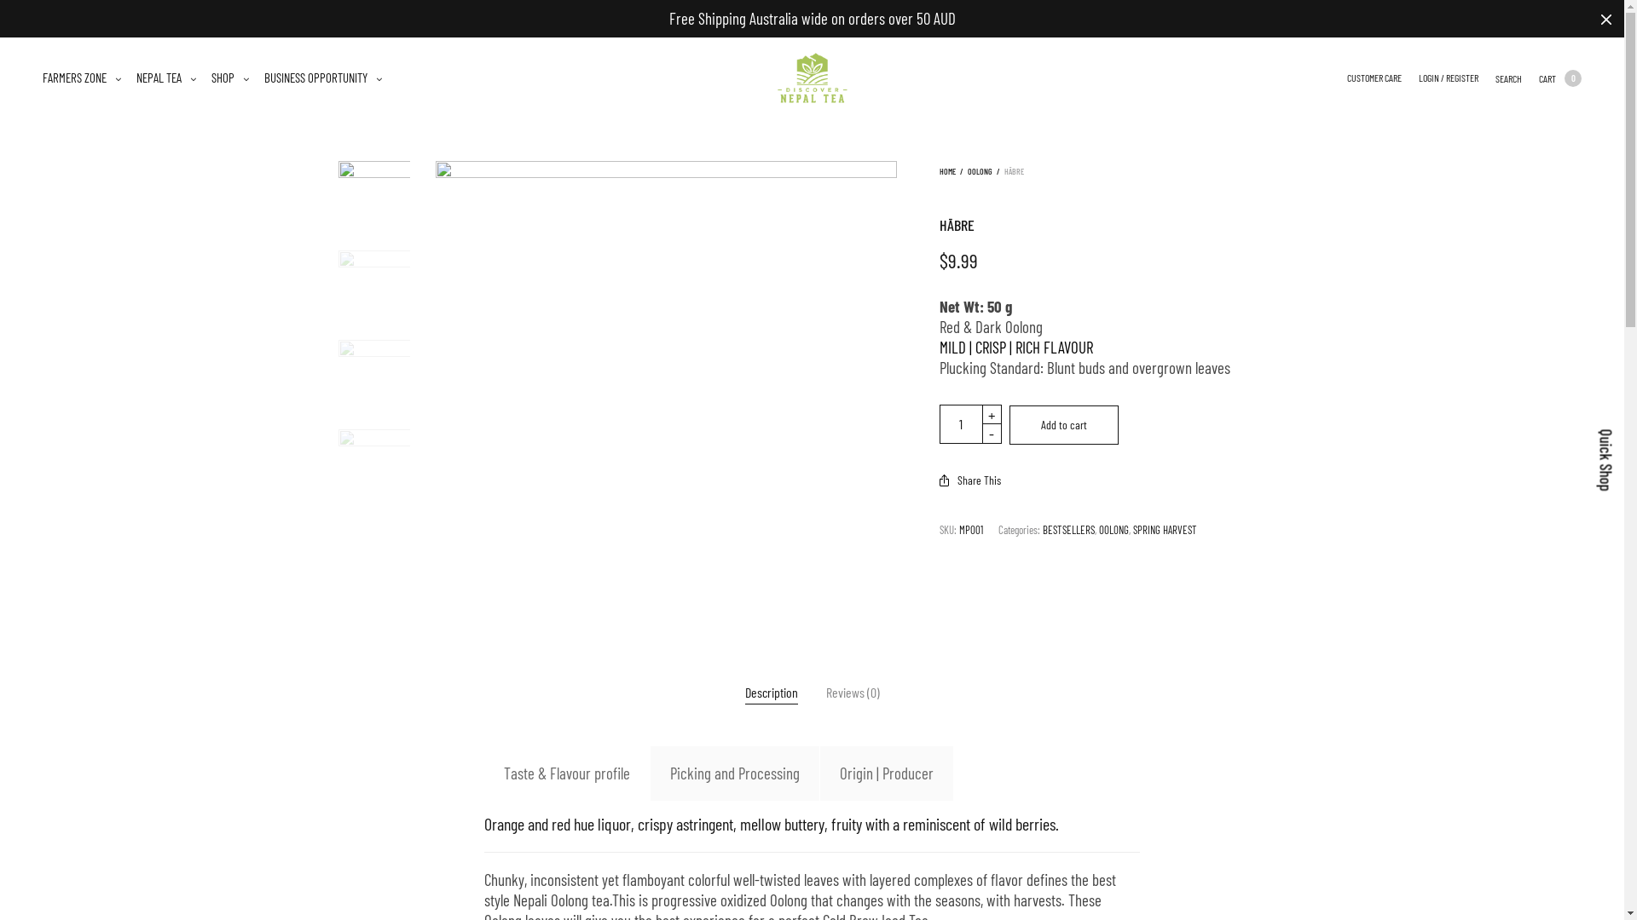 The image size is (1637, 920). What do you see at coordinates (373, 465) in the screenshot?
I see `'habrepack'` at bounding box center [373, 465].